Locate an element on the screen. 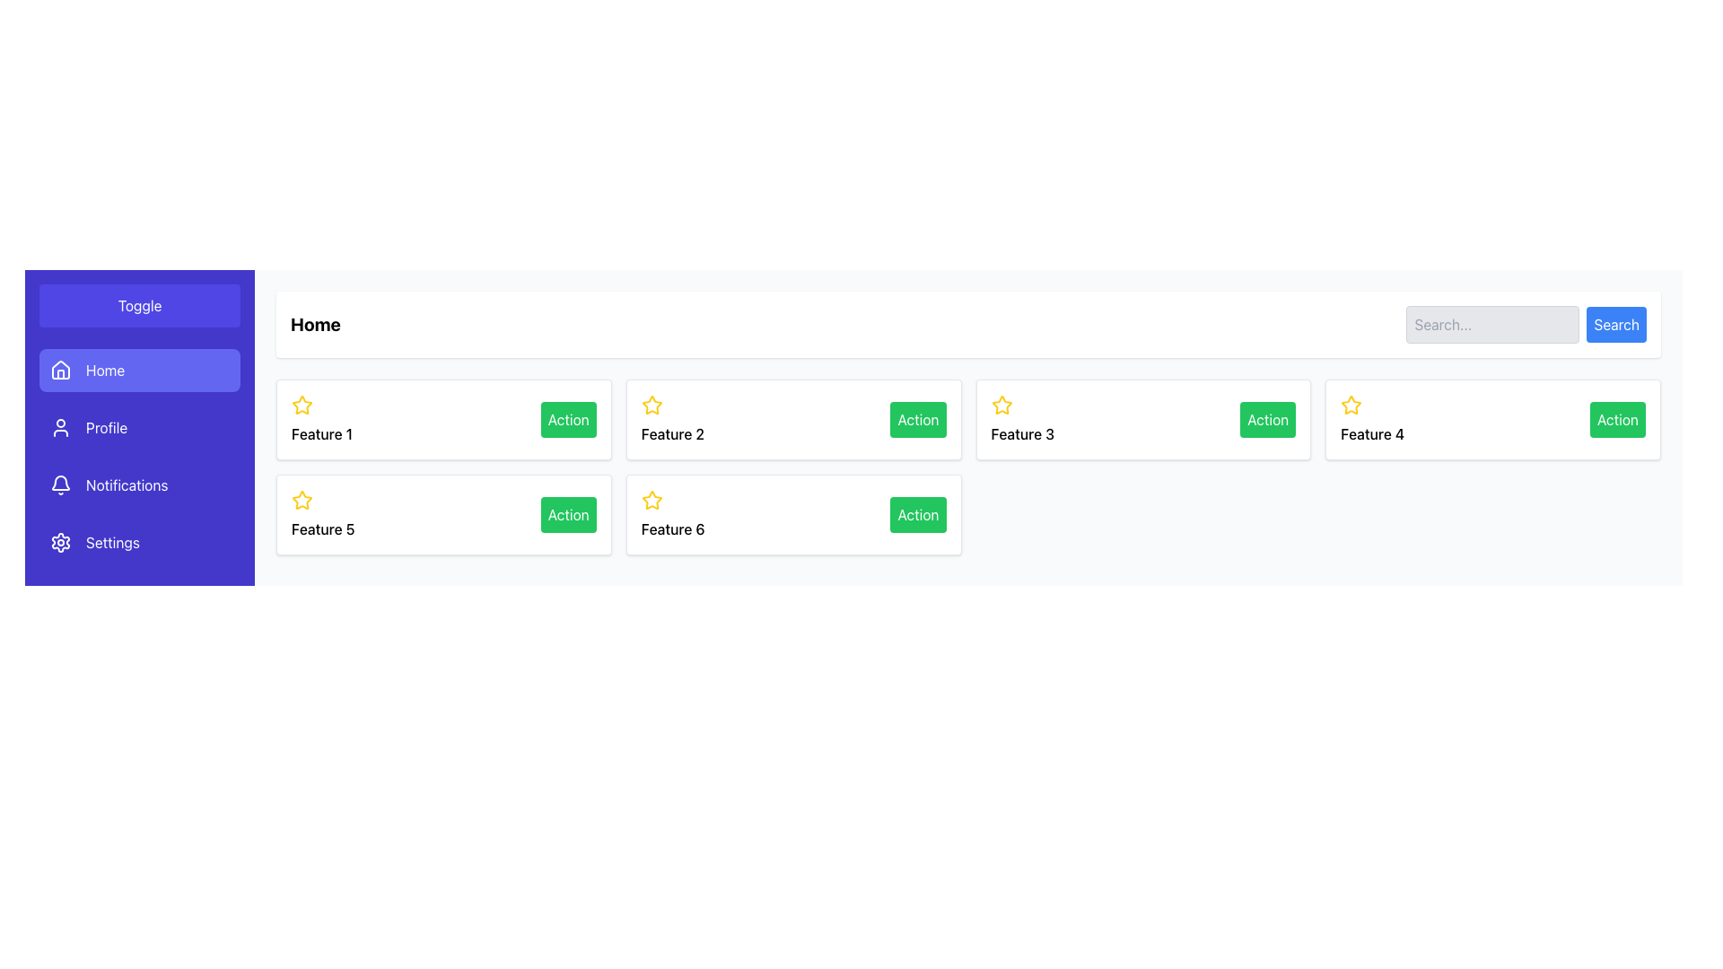 This screenshot has height=969, width=1723. the icon located within the 'Feature 1' box on the upper-left side of the content grid for accessibility purposes is located at coordinates (302, 405).